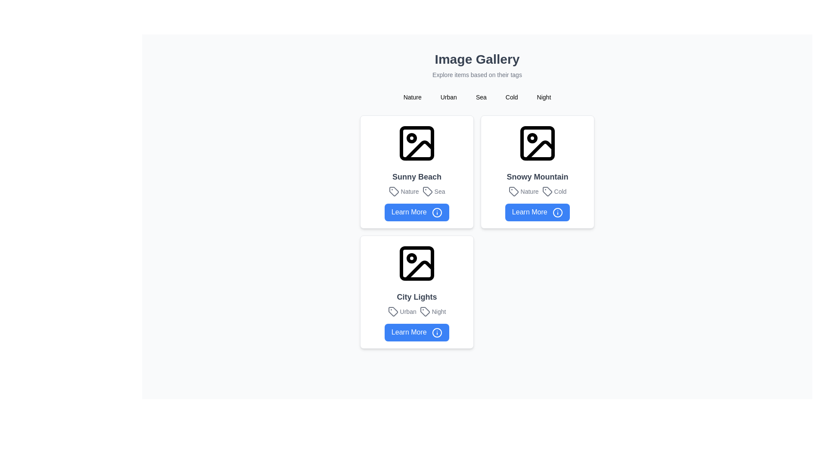 This screenshot has width=827, height=465. What do you see at coordinates (537, 212) in the screenshot?
I see `the call-to-action button located within the 'Snowy Mountain' card` at bounding box center [537, 212].